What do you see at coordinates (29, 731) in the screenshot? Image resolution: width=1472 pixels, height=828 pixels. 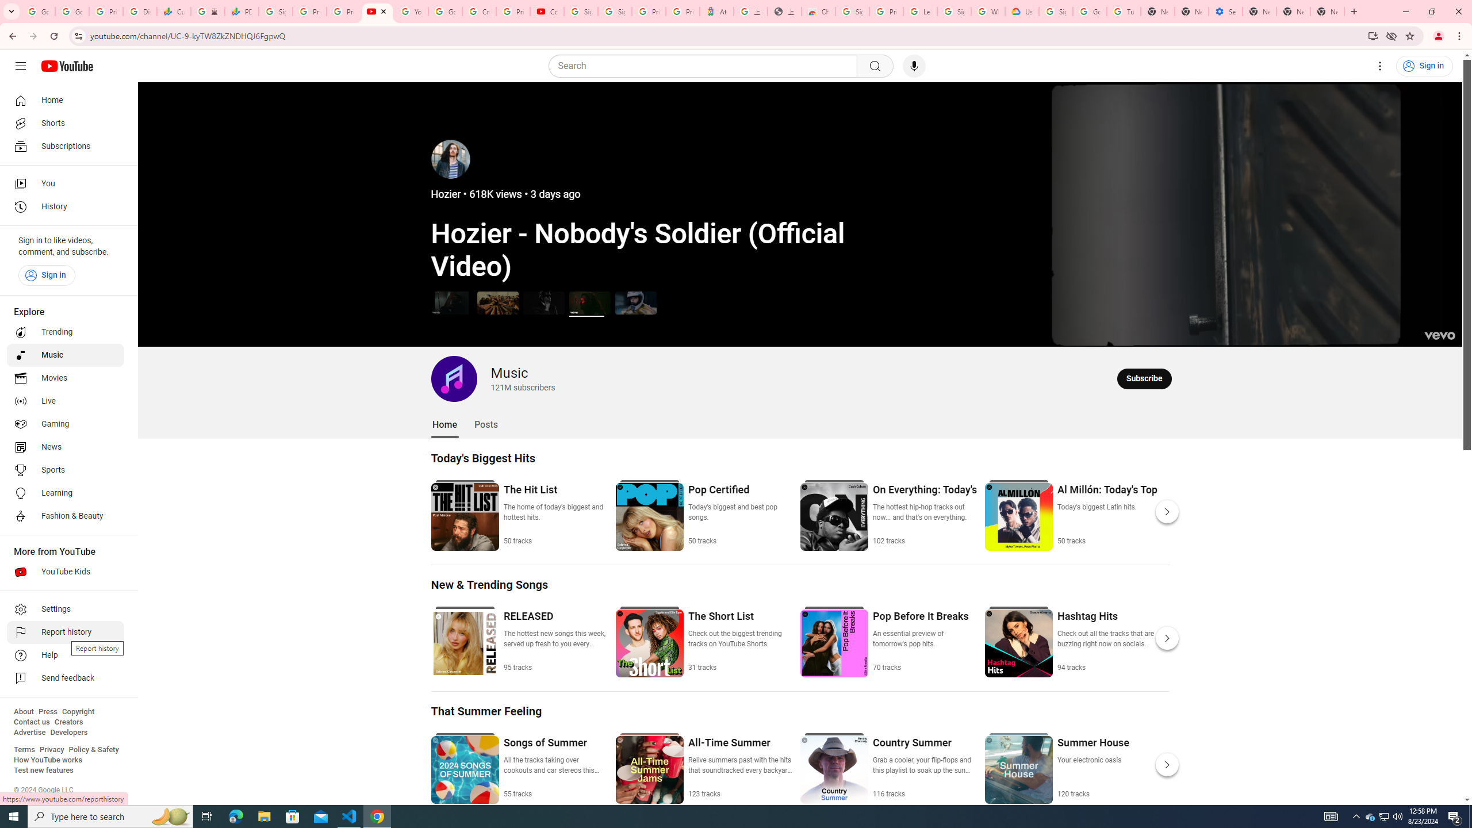 I see `'Advertise'` at bounding box center [29, 731].